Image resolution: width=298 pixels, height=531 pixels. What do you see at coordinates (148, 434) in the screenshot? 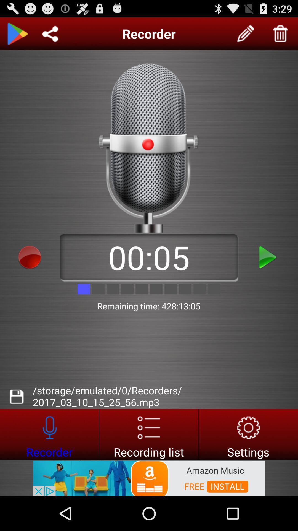
I see `see recording list` at bounding box center [148, 434].